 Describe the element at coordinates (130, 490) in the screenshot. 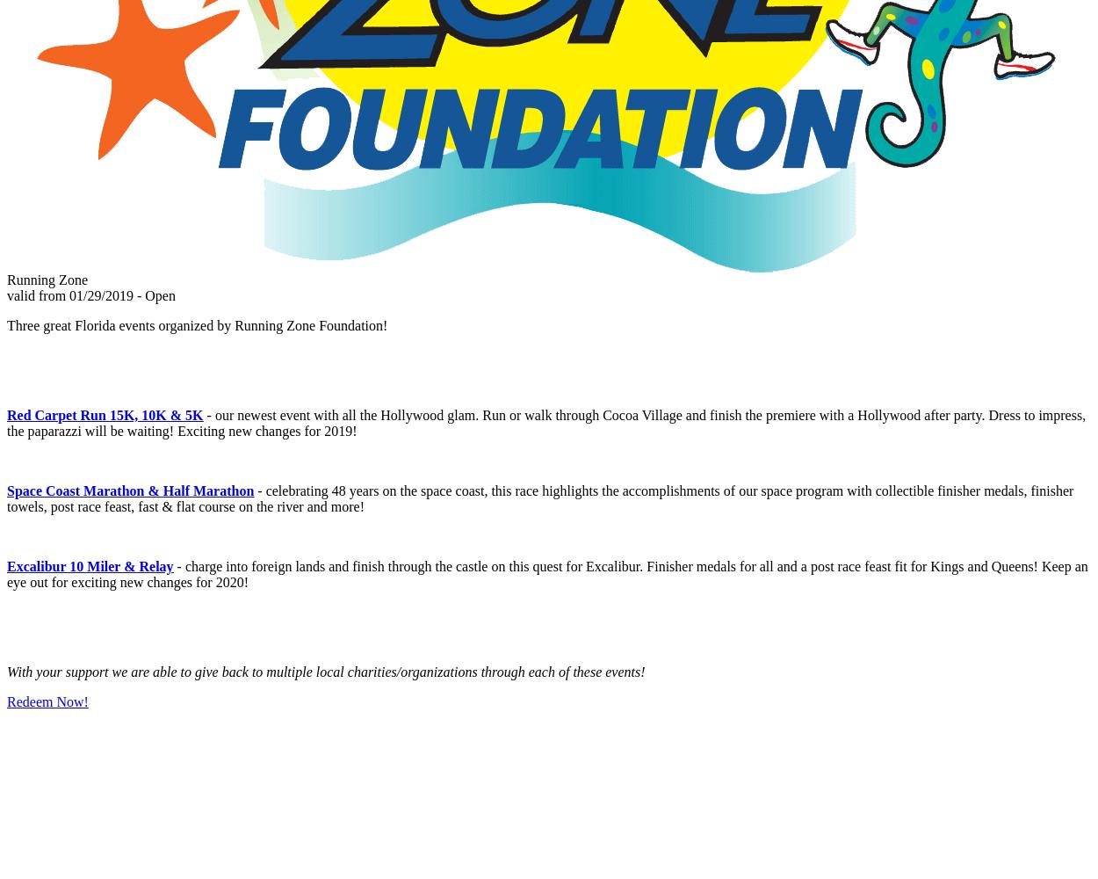

I see `'Space Coast Marathon & Half Marathon'` at that location.